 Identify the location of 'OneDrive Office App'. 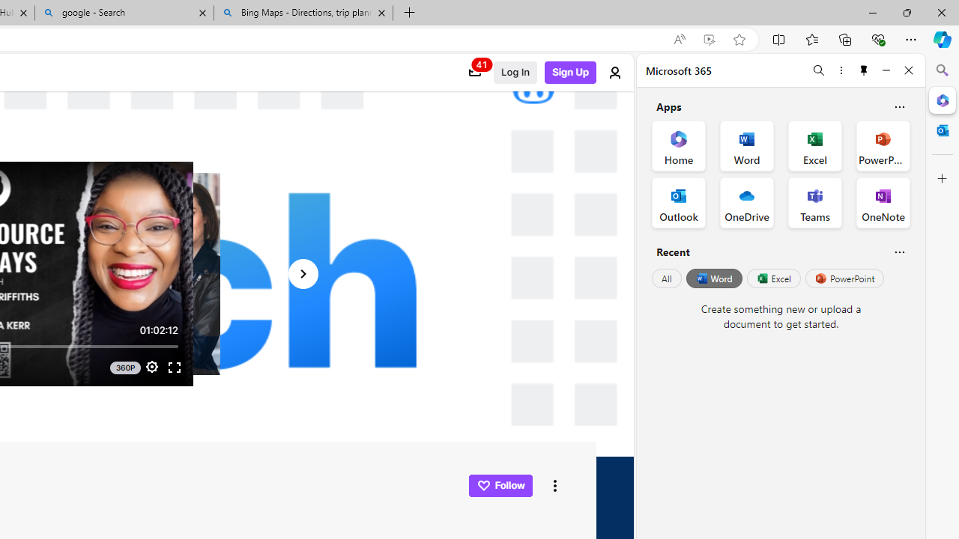
(747, 203).